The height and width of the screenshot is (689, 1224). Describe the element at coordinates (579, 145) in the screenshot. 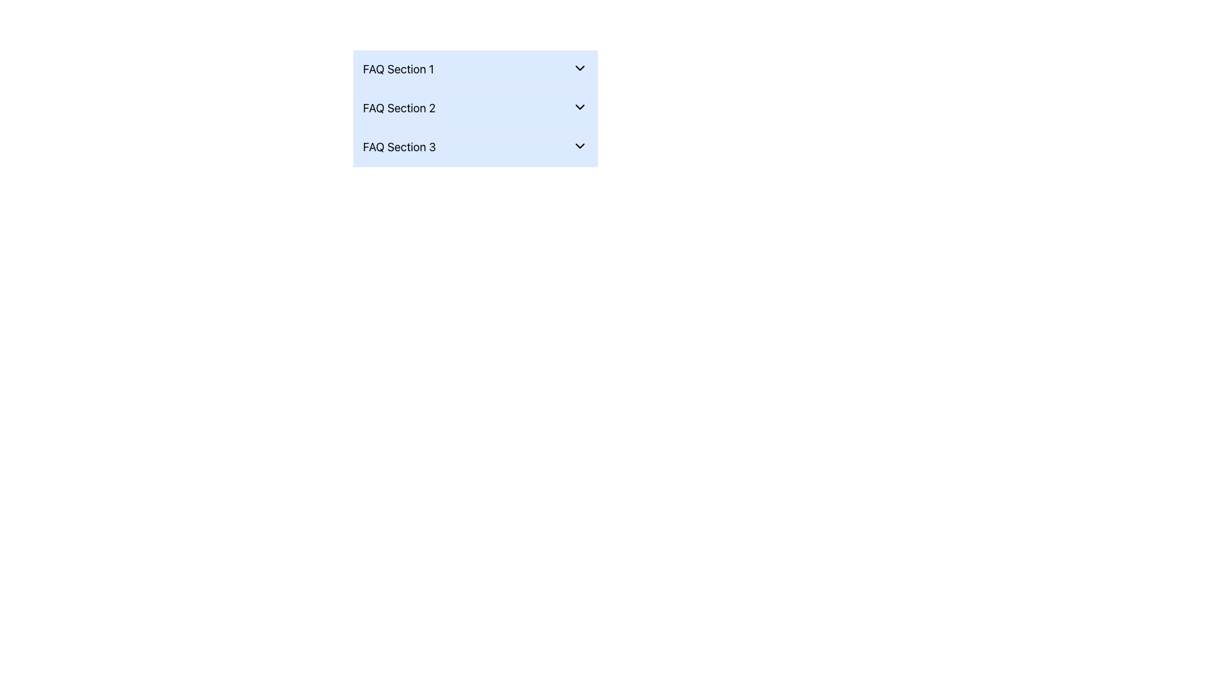

I see `the downward-pointing chevron icon located at the far right of the 'FAQ Section 3'` at that location.